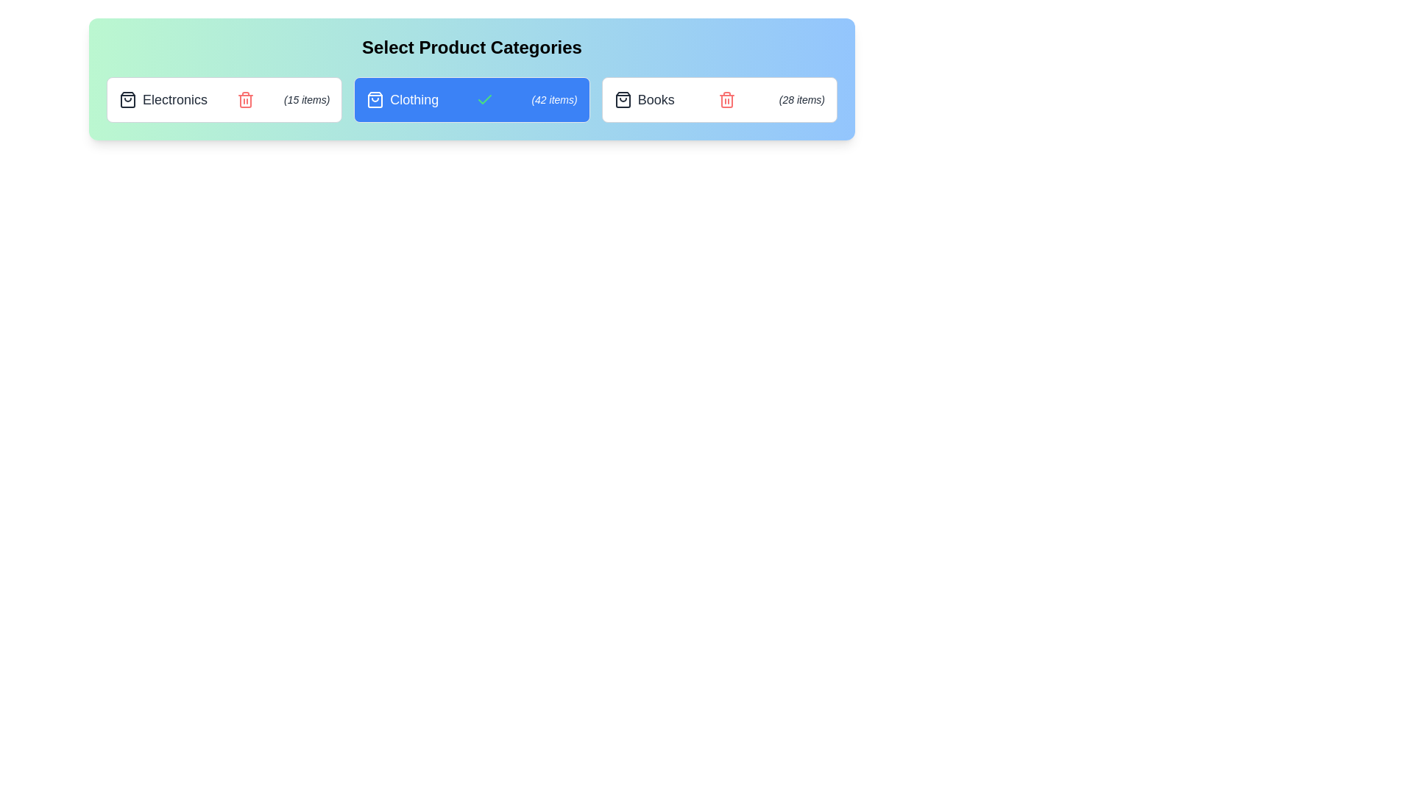  What do you see at coordinates (472, 99) in the screenshot?
I see `the category Clothing to view its hover effect` at bounding box center [472, 99].